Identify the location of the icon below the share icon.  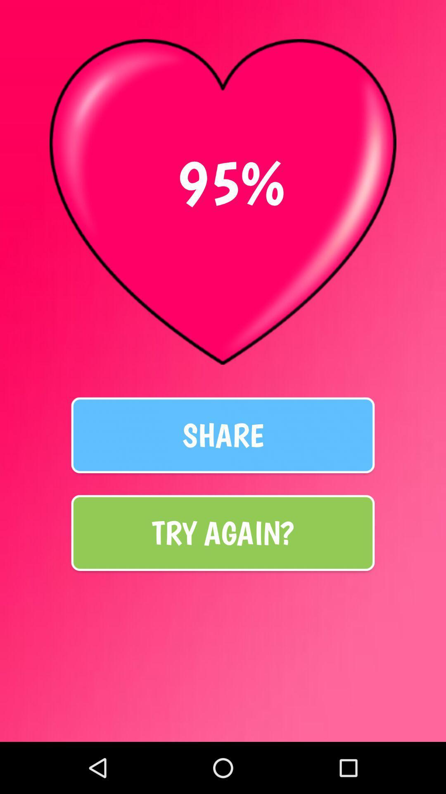
(223, 533).